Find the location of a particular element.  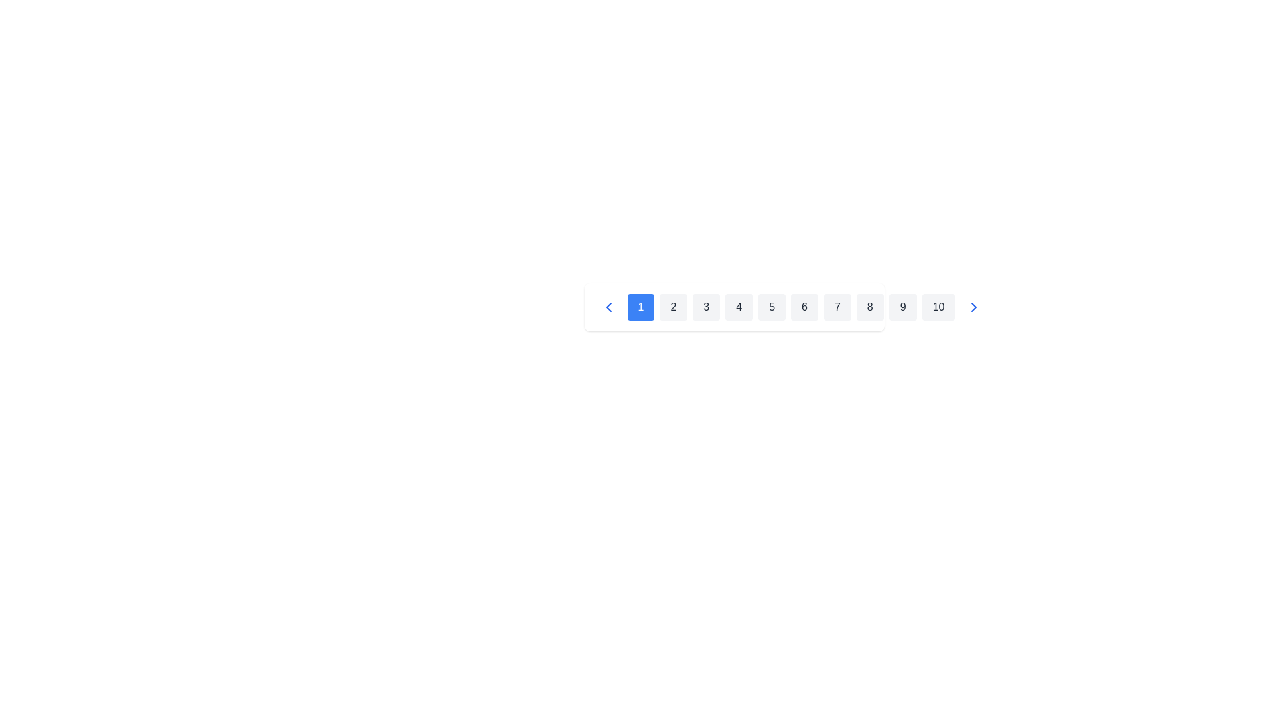

the last button in the pagination control is located at coordinates (938, 307).